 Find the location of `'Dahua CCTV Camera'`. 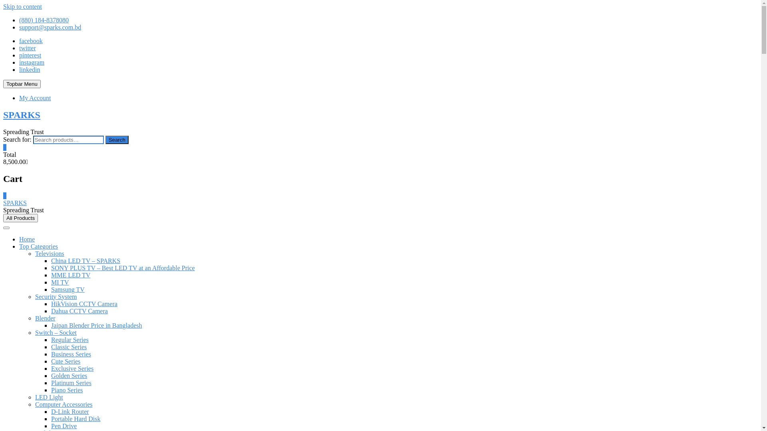

'Dahua CCTV Camera' is located at coordinates (51, 310).